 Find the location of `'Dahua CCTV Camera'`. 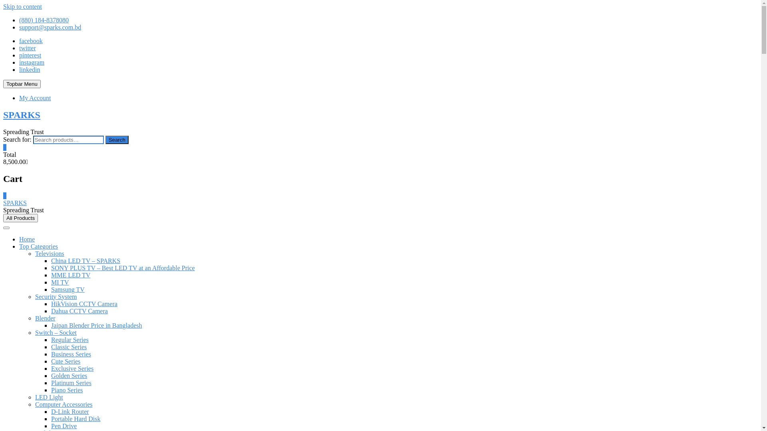

'Dahua CCTV Camera' is located at coordinates (51, 310).